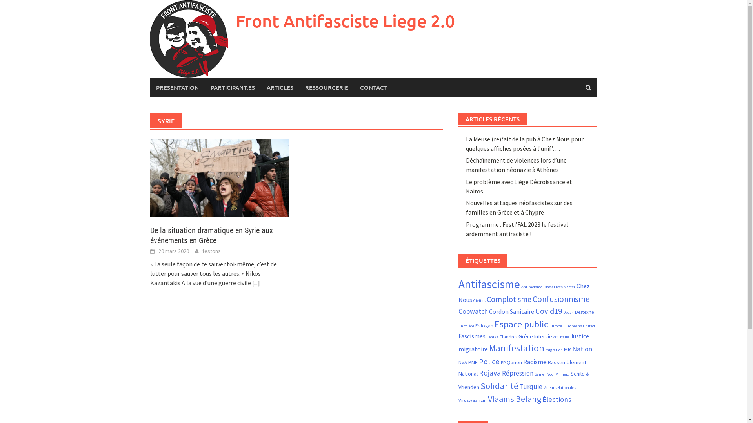 This screenshot has width=753, height=423. Describe the element at coordinates (211, 251) in the screenshot. I see `'testons'` at that location.